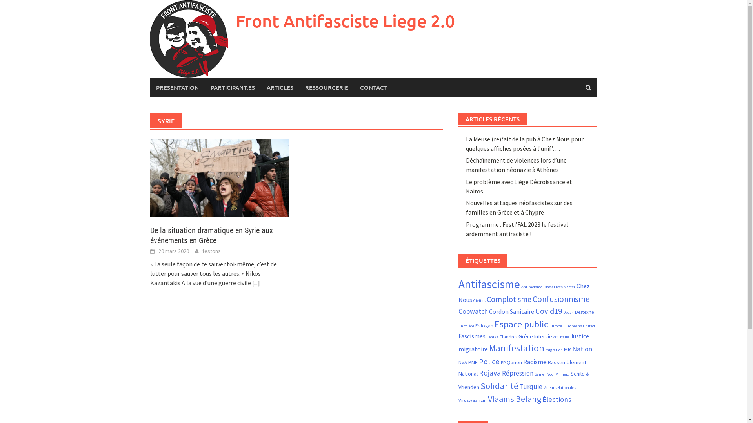 This screenshot has width=753, height=423. Describe the element at coordinates (211, 251) in the screenshot. I see `'testons'` at that location.